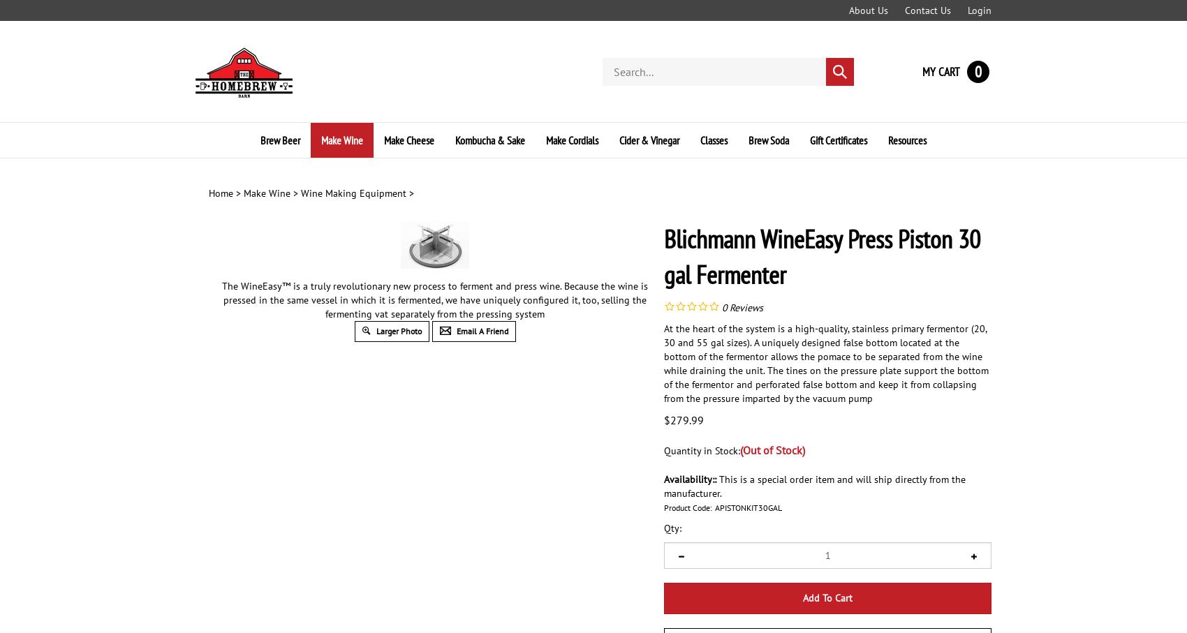 The image size is (1187, 633). What do you see at coordinates (724, 306) in the screenshot?
I see `'0'` at bounding box center [724, 306].